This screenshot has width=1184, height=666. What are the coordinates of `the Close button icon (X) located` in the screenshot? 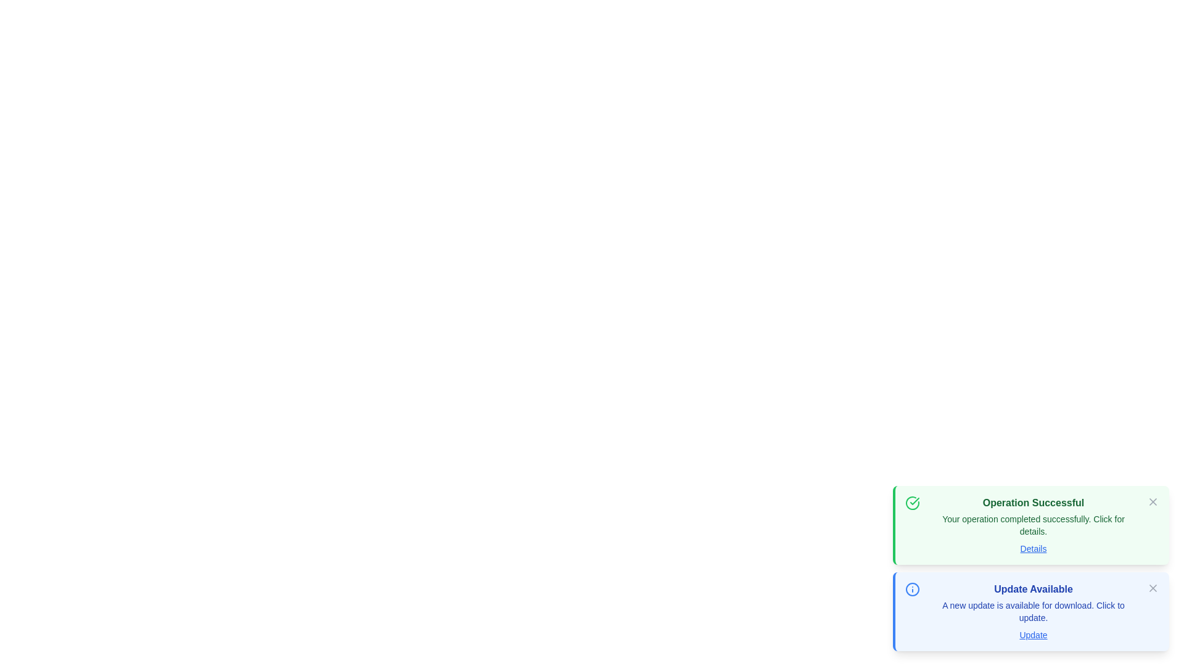 It's located at (1153, 587).